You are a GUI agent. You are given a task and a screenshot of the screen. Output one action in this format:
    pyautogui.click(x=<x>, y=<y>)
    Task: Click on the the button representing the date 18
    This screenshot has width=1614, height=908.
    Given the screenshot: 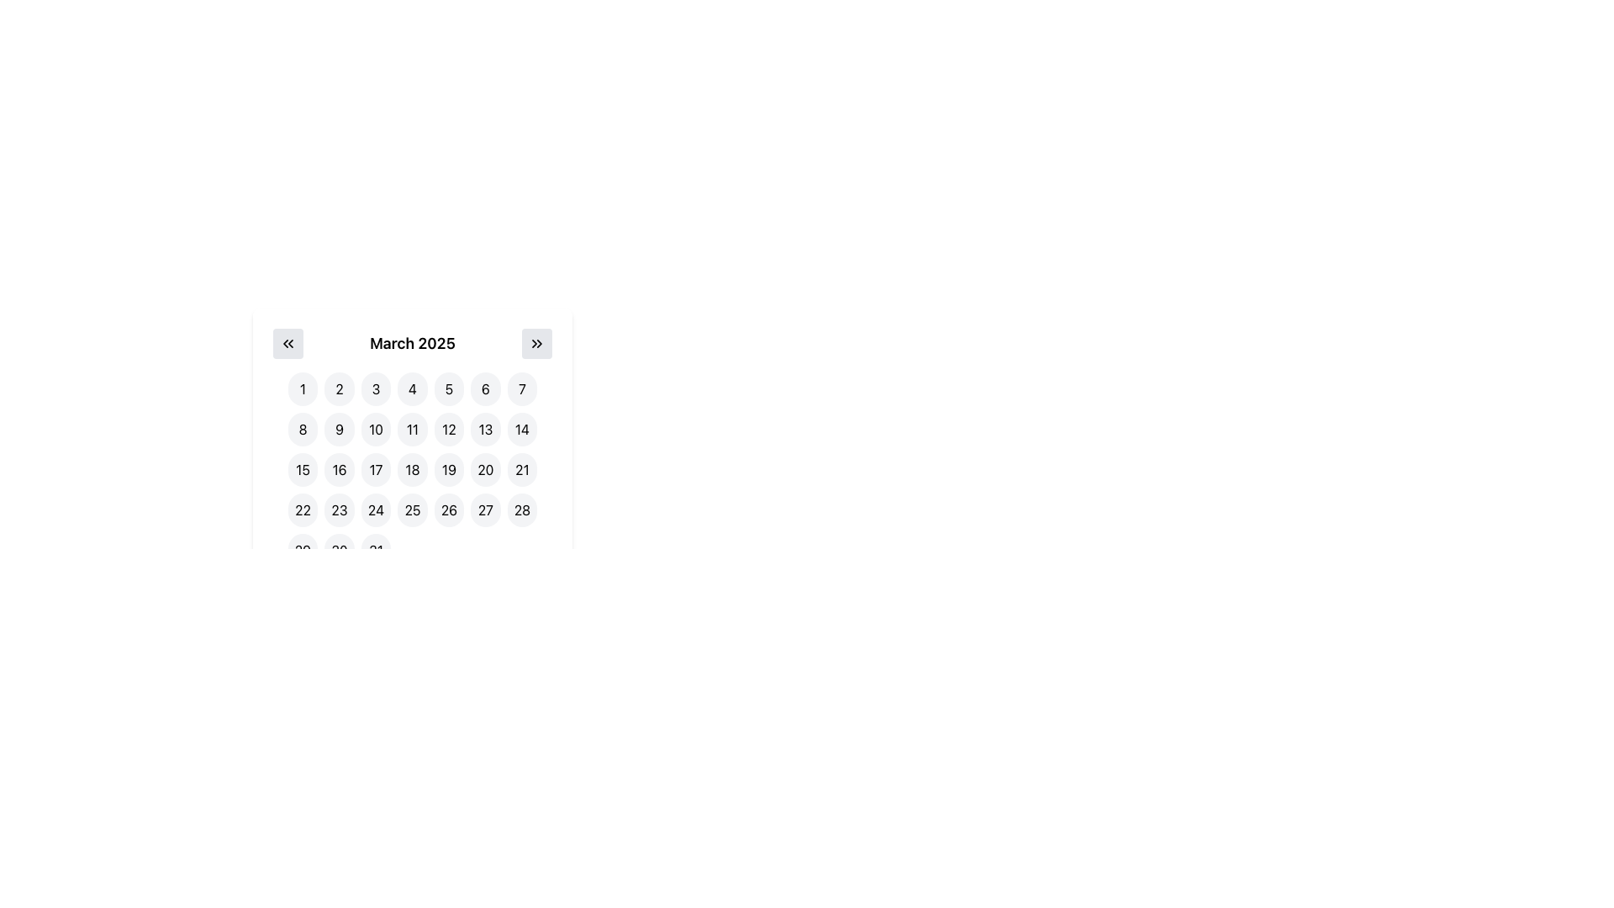 What is the action you would take?
    pyautogui.click(x=412, y=470)
    